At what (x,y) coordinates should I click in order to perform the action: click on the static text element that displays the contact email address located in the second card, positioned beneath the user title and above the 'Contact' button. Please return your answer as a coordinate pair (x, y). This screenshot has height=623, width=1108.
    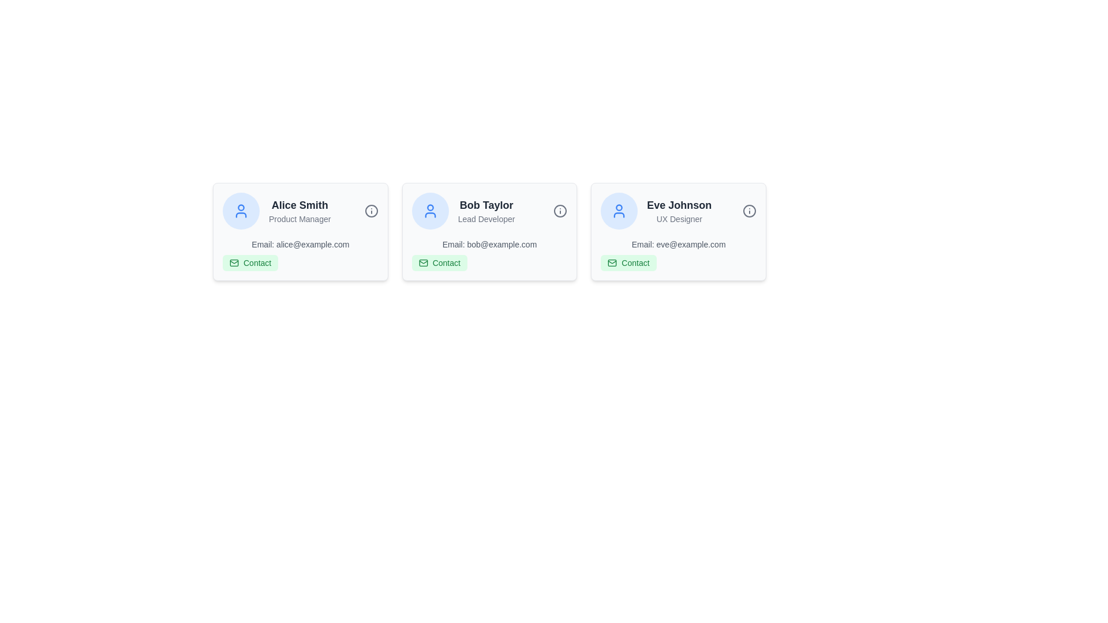
    Looking at the image, I should click on (489, 244).